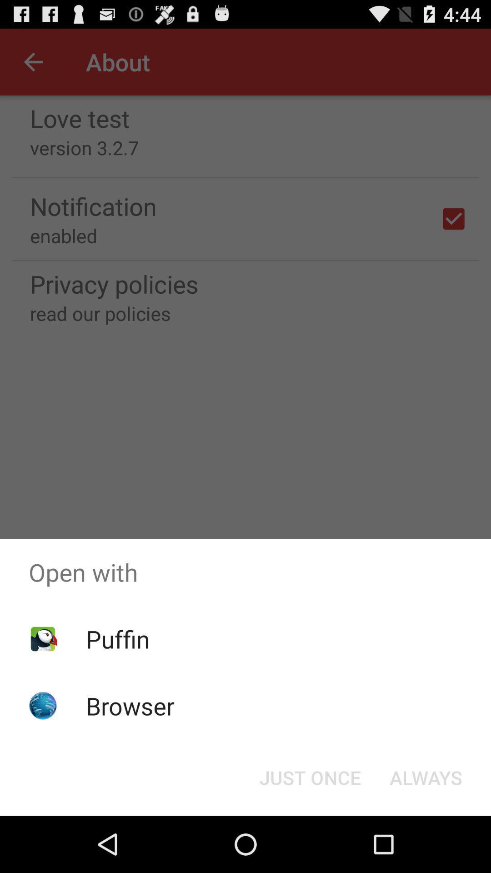  What do you see at coordinates (426, 777) in the screenshot?
I see `the always icon` at bounding box center [426, 777].